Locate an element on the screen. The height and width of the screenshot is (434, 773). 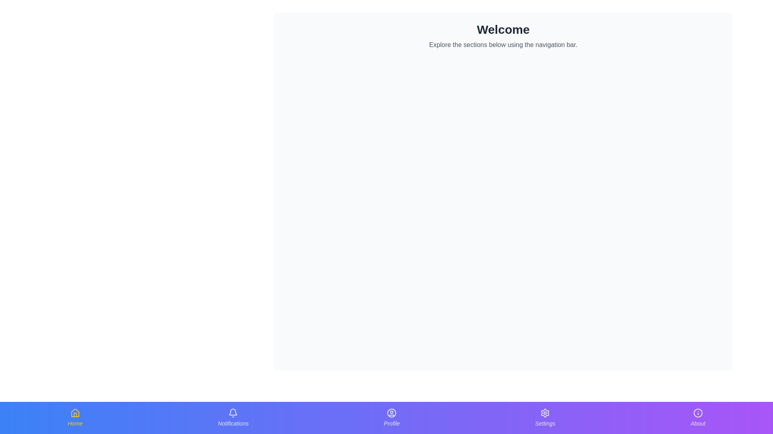
the topmost part of the home icon in the bottom navigation bar, which serves as the visual representation for the 'Home' section is located at coordinates (75, 413).